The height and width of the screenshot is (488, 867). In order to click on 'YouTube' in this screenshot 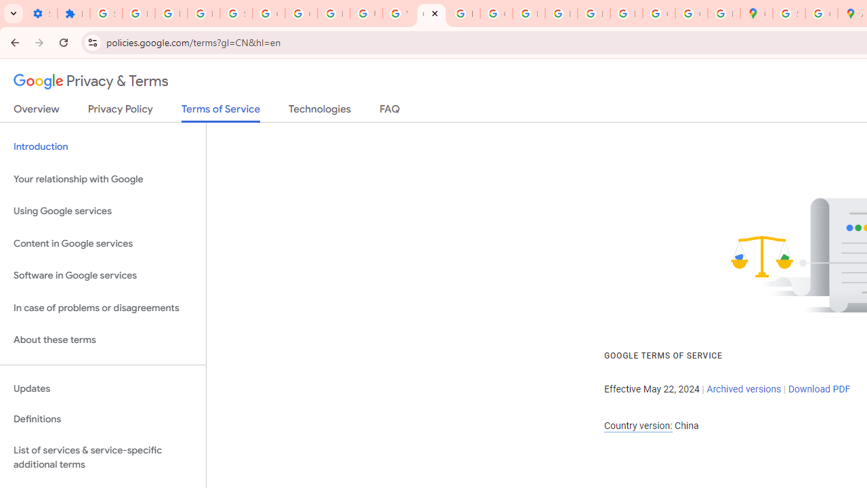, I will do `click(398, 14)`.